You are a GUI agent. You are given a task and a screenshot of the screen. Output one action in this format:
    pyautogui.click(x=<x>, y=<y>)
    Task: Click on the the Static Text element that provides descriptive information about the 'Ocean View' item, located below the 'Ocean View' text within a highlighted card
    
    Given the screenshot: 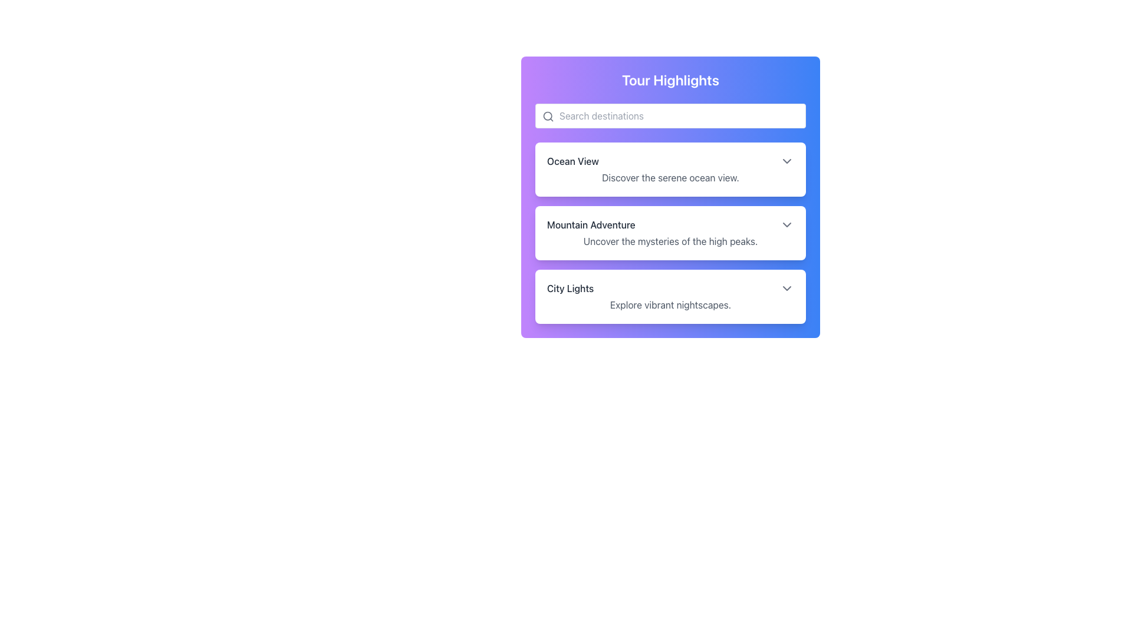 What is the action you would take?
    pyautogui.click(x=670, y=177)
    